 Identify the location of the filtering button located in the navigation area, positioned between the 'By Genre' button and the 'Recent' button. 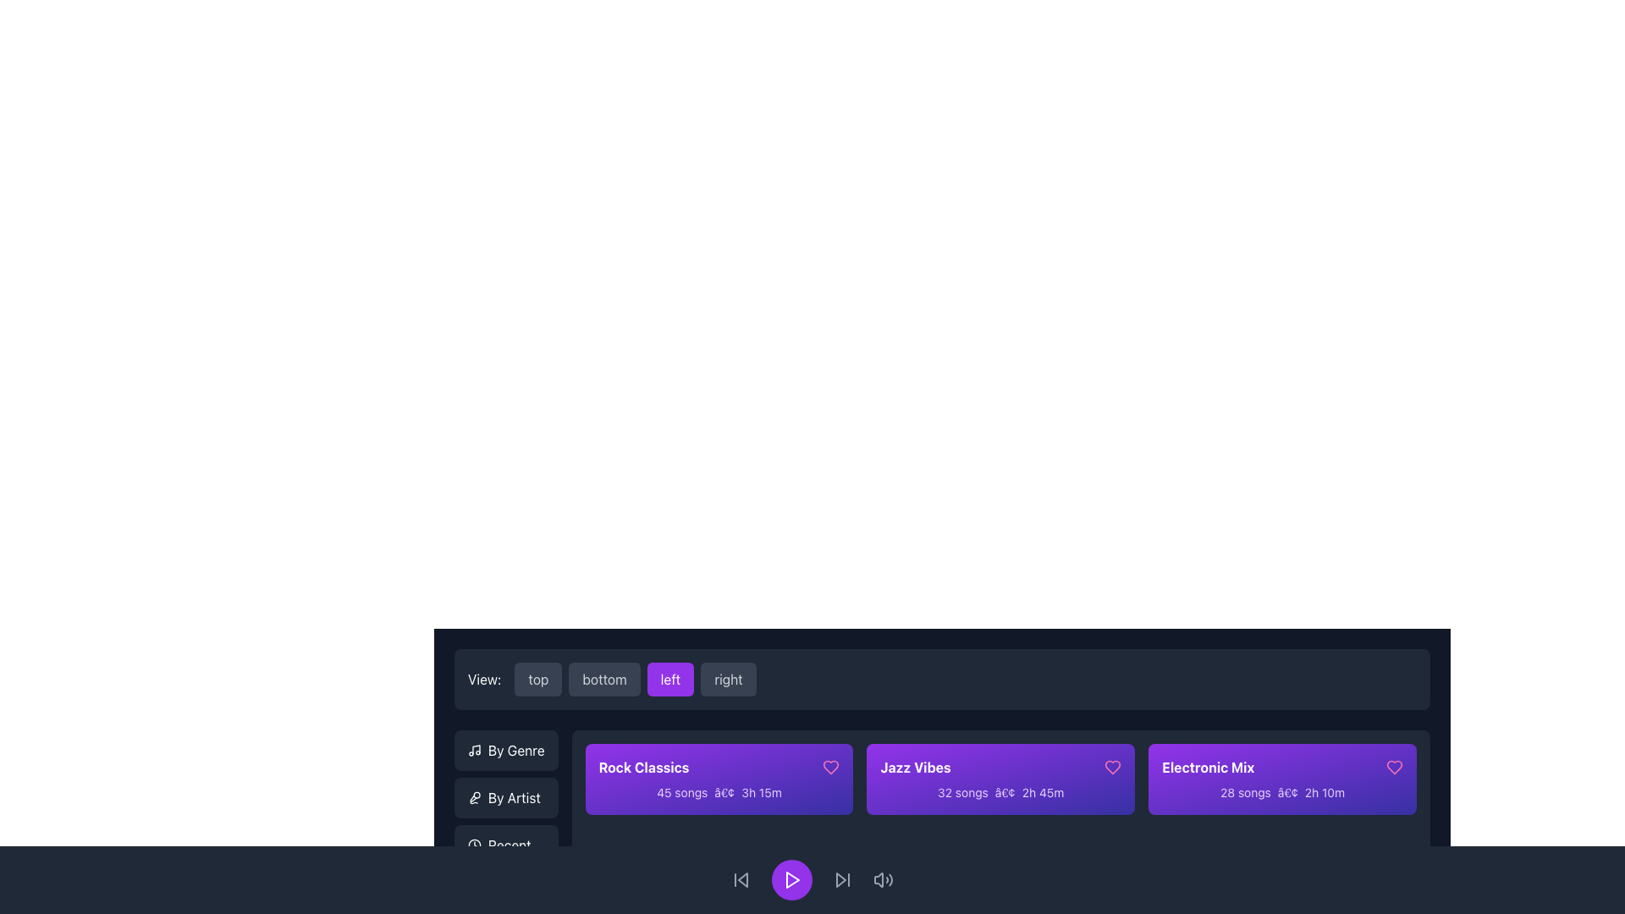
(505, 797).